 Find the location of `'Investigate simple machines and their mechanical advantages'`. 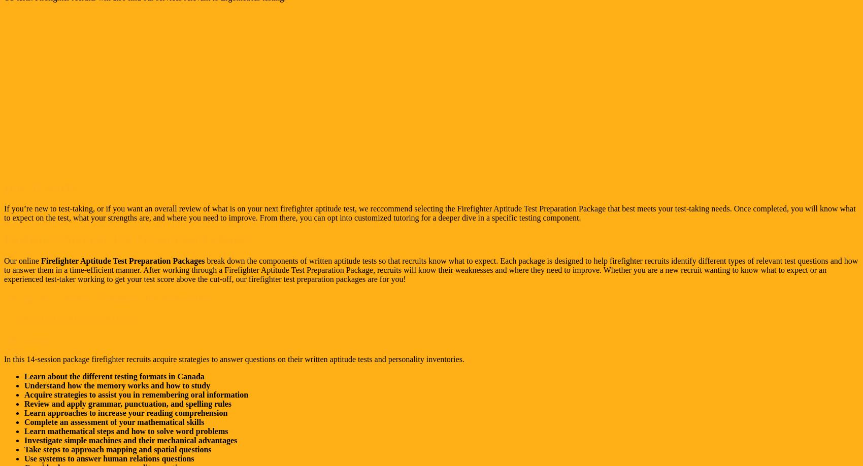

'Investigate simple machines and their mechanical advantages' is located at coordinates (130, 440).